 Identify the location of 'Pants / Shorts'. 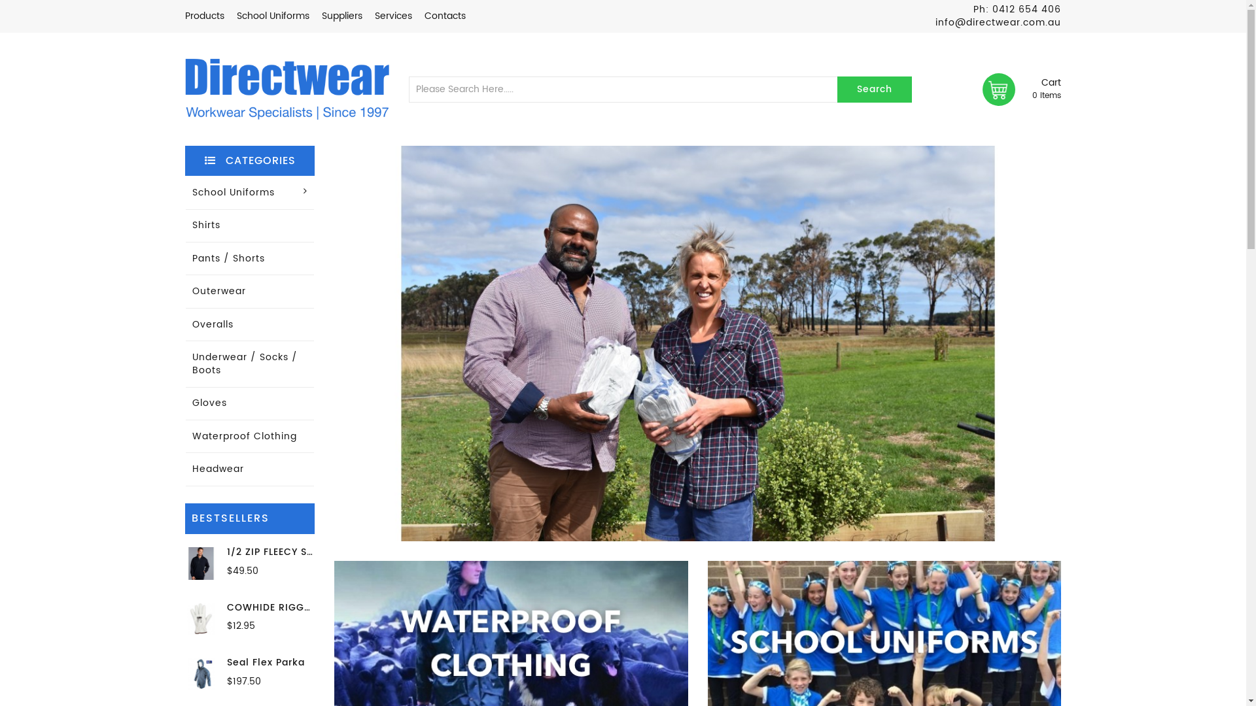
(250, 259).